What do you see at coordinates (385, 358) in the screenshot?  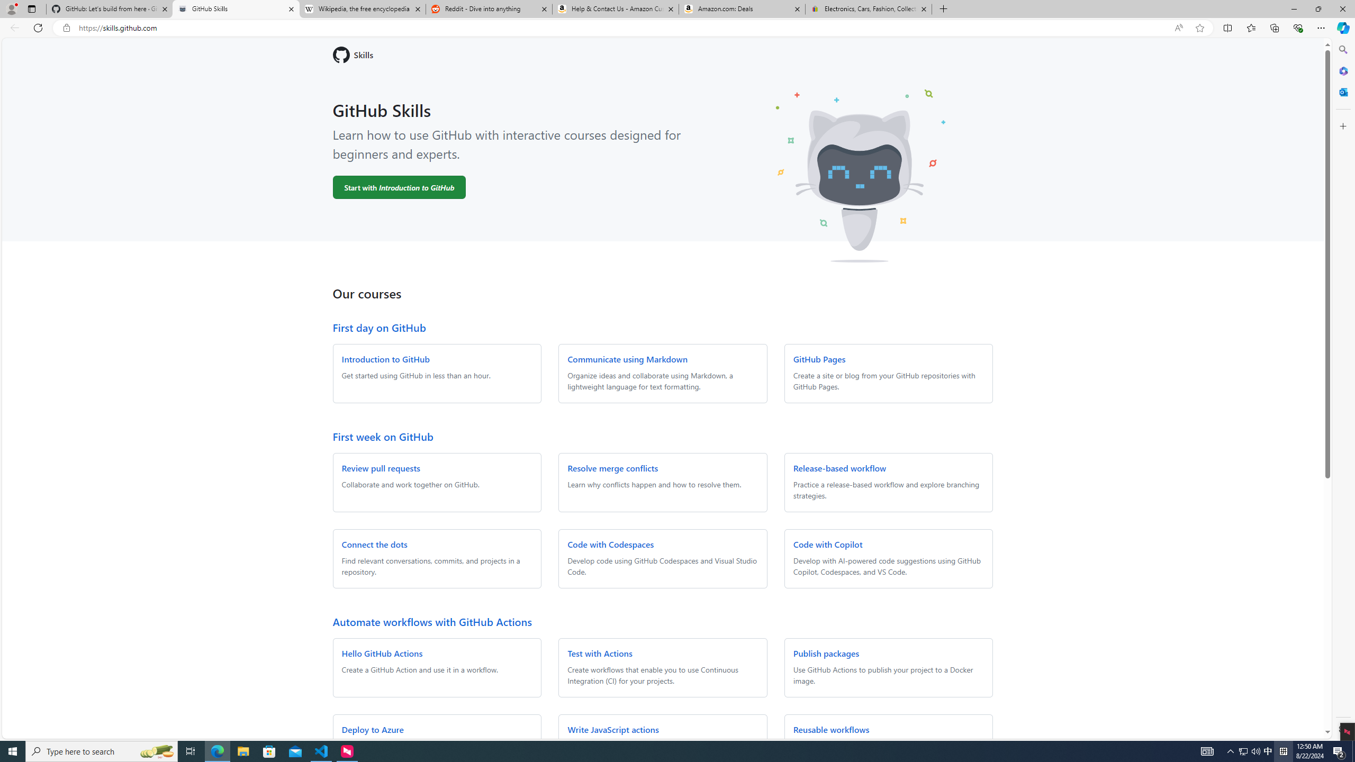 I see `'Introduction to GitHub'` at bounding box center [385, 358].